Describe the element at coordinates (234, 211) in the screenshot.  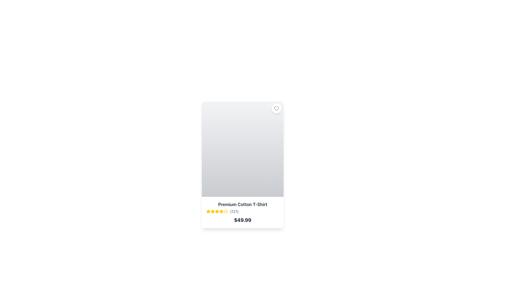
I see `text content of the Text Label that displays the number of reviews or ratings associated with the product 'Premium Cotton T-Shirt' located to the right of the rating stars` at that location.